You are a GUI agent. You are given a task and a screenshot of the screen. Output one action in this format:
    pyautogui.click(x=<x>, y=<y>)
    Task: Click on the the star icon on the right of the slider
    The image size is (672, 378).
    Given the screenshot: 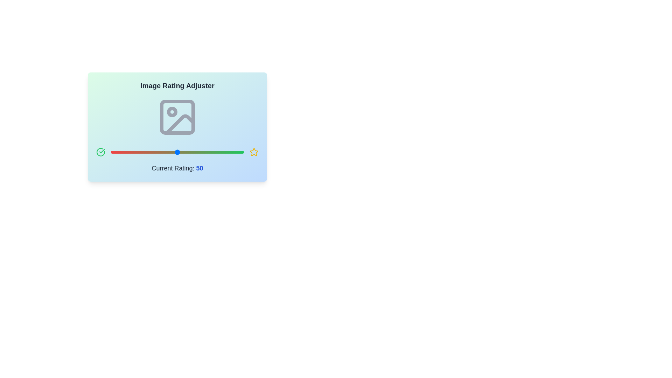 What is the action you would take?
    pyautogui.click(x=253, y=152)
    